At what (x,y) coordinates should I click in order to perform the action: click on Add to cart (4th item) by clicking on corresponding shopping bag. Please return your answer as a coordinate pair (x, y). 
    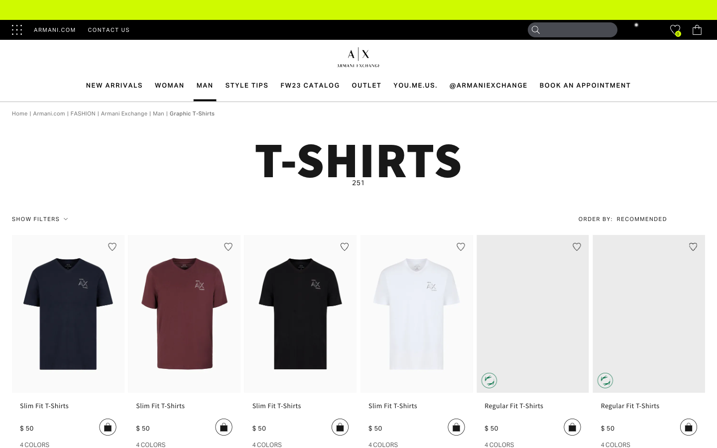
    Looking at the image, I should click on (456, 427).